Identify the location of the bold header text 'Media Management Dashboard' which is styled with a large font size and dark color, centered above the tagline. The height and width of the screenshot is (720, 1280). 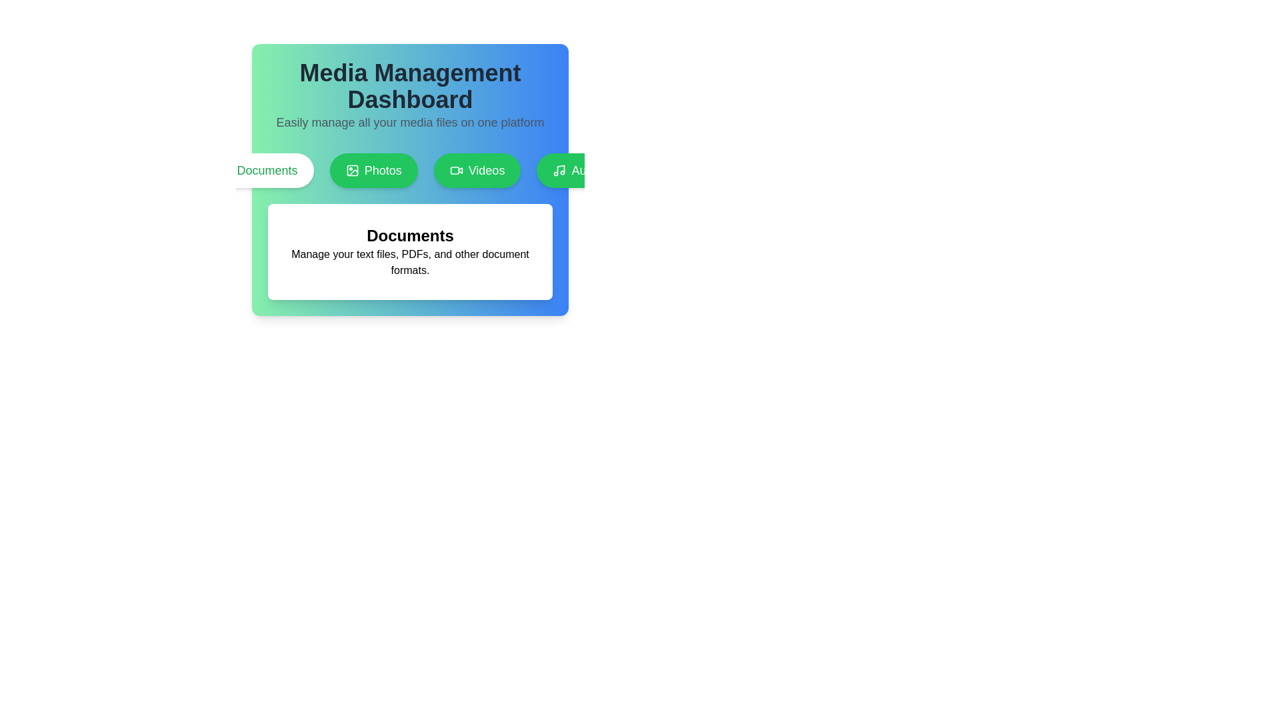
(409, 87).